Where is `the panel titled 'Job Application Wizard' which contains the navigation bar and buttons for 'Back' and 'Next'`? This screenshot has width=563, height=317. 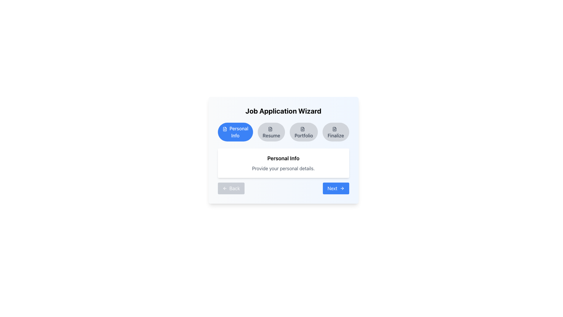 the panel titled 'Job Application Wizard' which contains the navigation bar and buttons for 'Back' and 'Next' is located at coordinates (283, 150).